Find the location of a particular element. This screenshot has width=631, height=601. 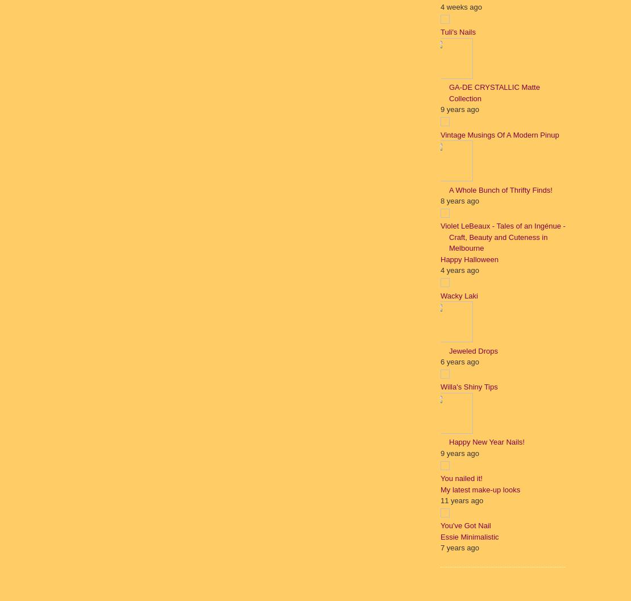

'Violet LeBeaux - Tales of an Ingénue - Craft, Beauty and Cuteness in Melbourne' is located at coordinates (440, 236).